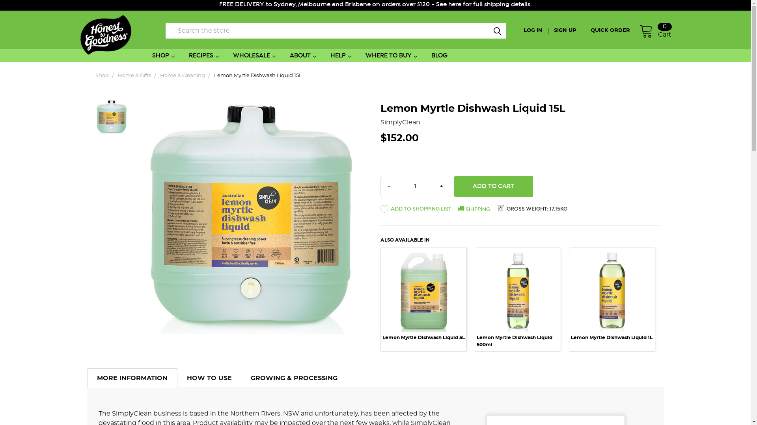 The image size is (757, 425). I want to click on 'Add to Cart', so click(454, 187).